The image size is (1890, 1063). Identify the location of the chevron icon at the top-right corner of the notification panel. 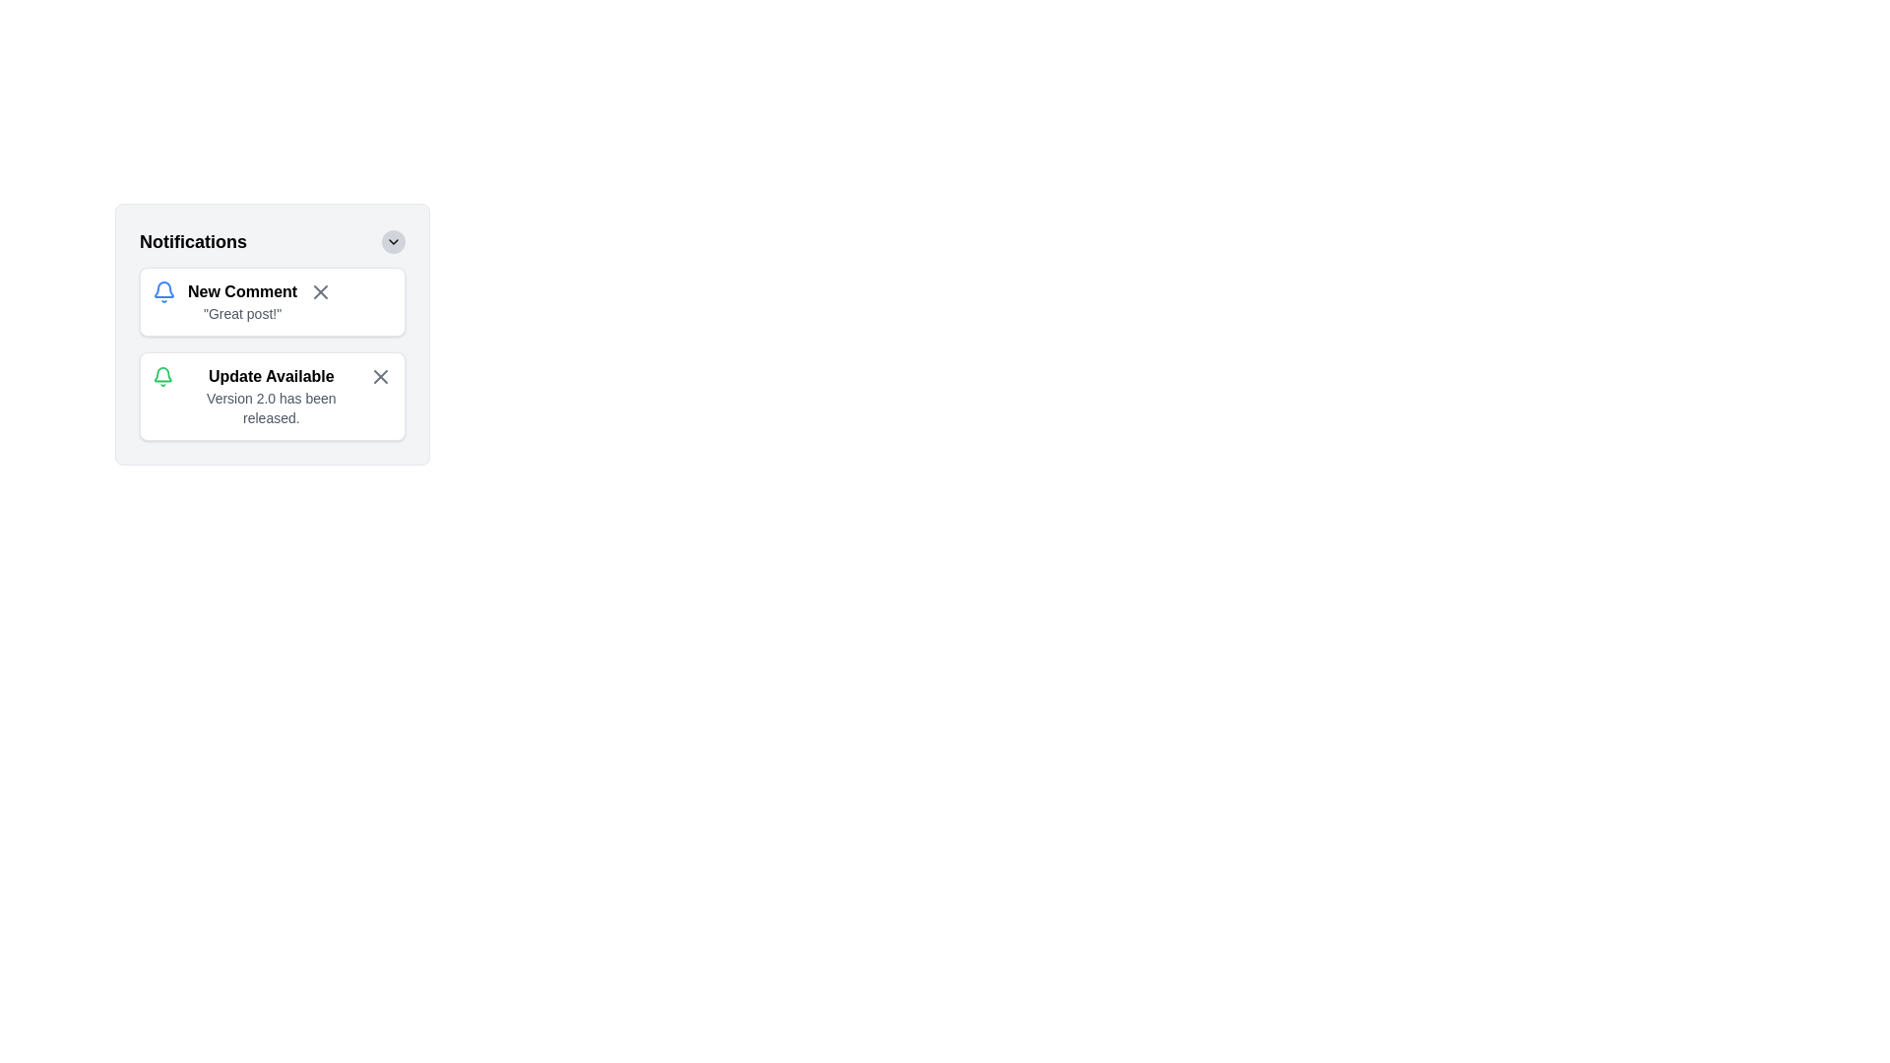
(393, 241).